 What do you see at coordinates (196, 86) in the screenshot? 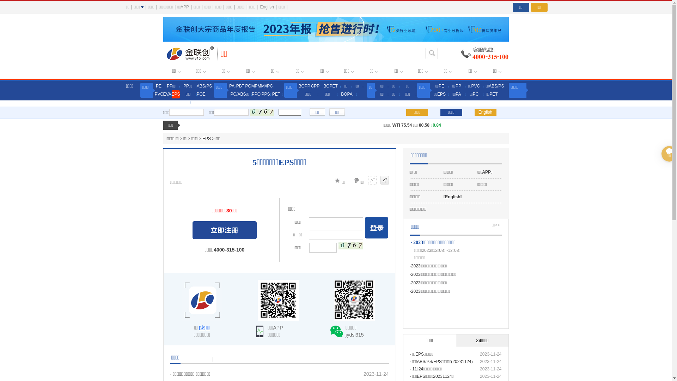
I see `'ABS/PS'` at bounding box center [196, 86].